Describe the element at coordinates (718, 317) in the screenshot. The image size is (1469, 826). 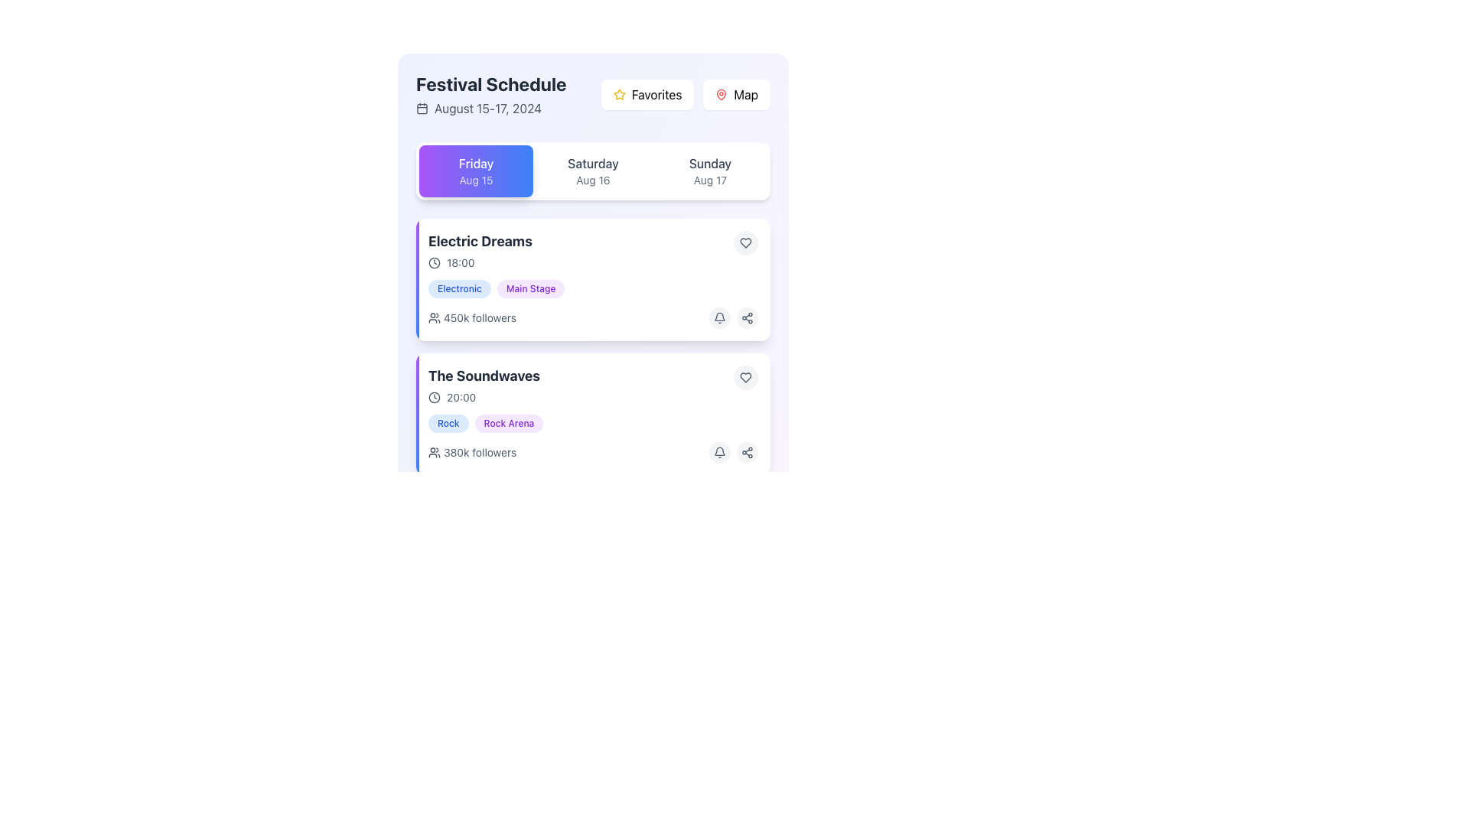
I see `the SVG bell icon with the class 'lucide lucide-bell' located at the bottom right corner of the second list item labeled 'The Soundwaves'` at that location.